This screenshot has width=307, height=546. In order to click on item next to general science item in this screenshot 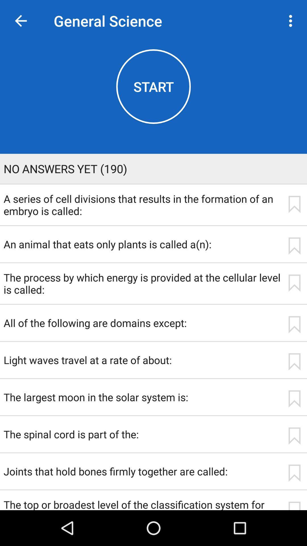, I will do `click(20, 21)`.